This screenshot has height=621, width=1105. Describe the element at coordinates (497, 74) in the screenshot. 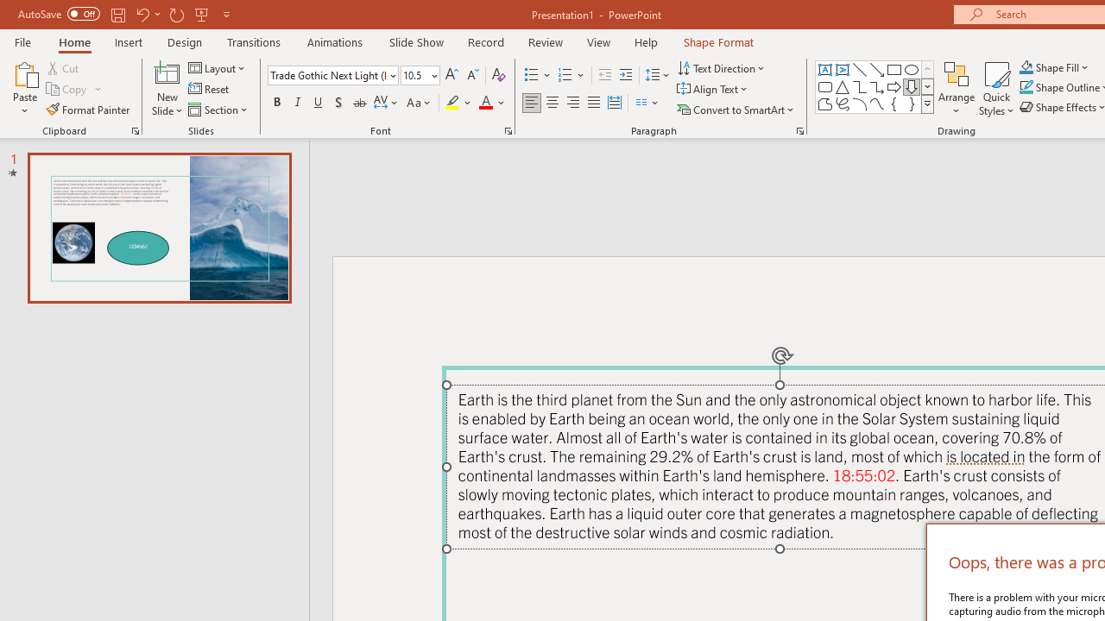

I see `'Clear Formatting'` at that location.